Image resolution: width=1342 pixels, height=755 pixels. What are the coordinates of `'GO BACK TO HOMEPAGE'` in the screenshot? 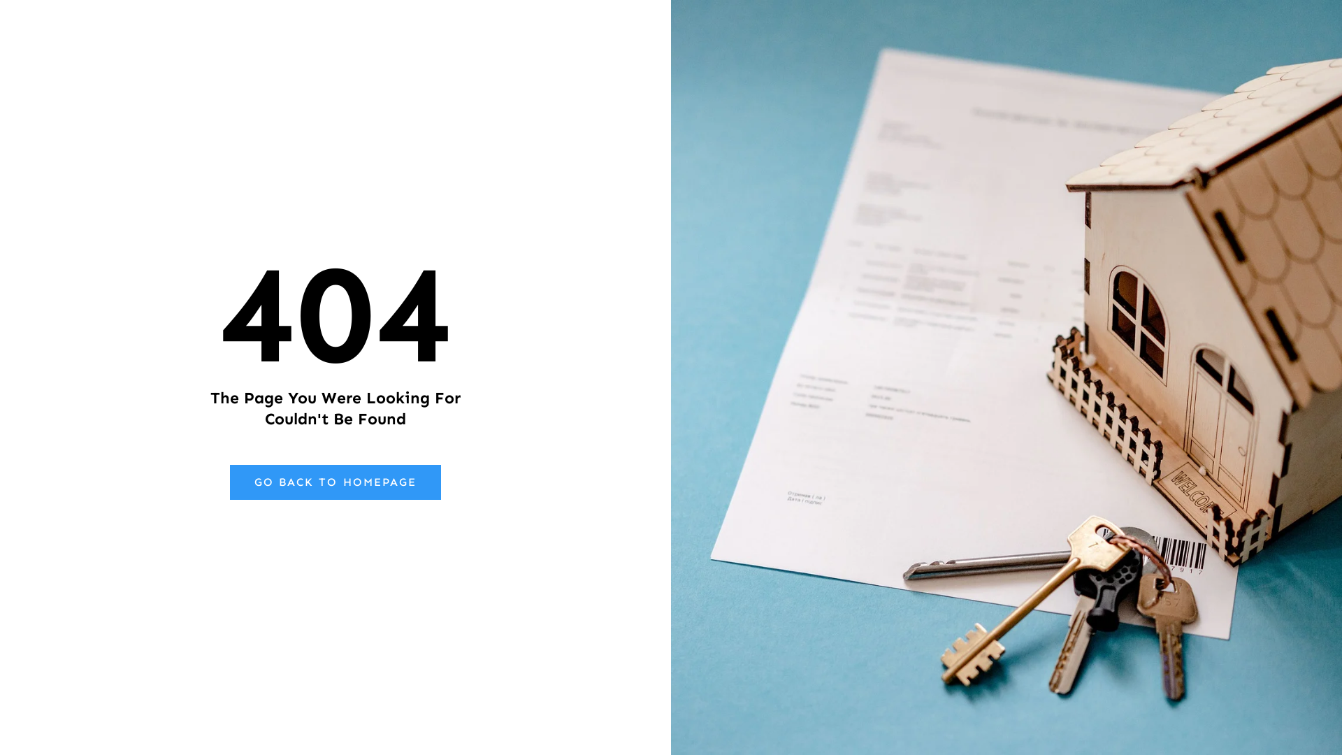 It's located at (335, 482).